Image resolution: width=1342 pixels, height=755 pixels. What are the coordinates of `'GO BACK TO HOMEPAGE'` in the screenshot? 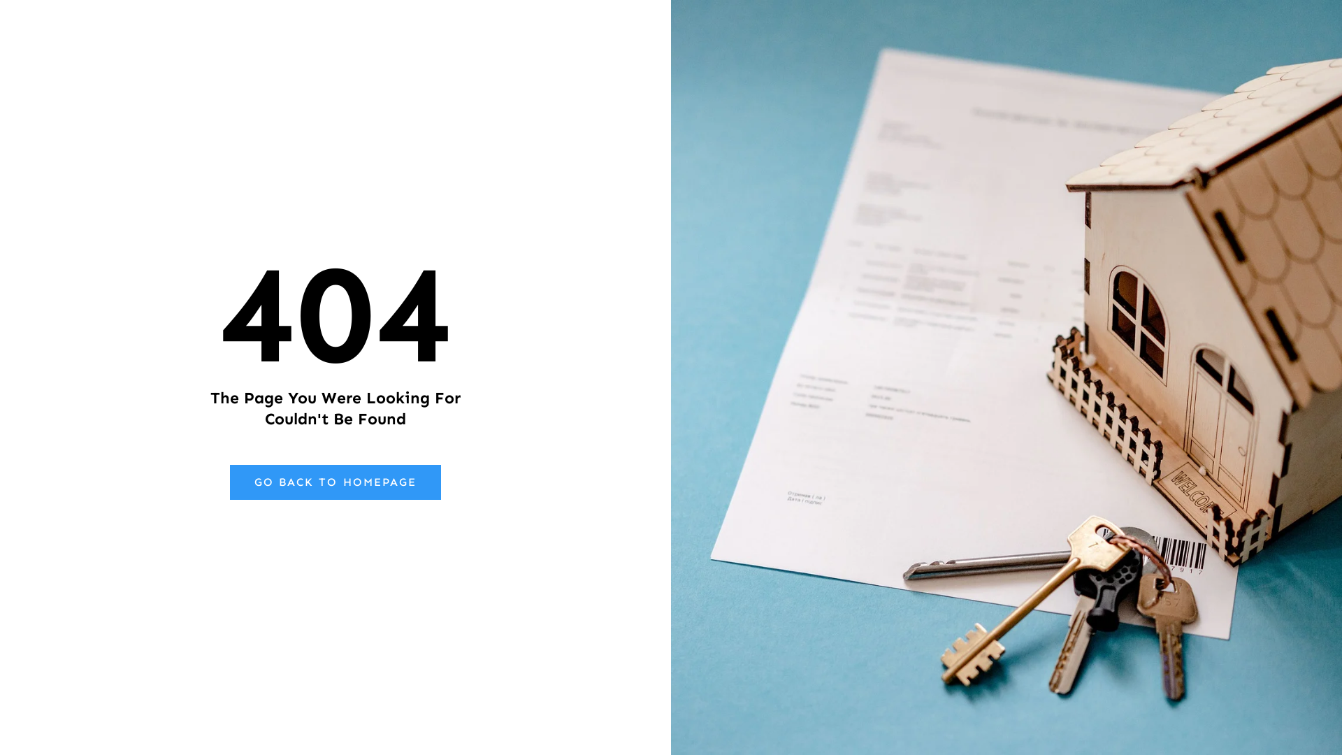 It's located at (335, 482).